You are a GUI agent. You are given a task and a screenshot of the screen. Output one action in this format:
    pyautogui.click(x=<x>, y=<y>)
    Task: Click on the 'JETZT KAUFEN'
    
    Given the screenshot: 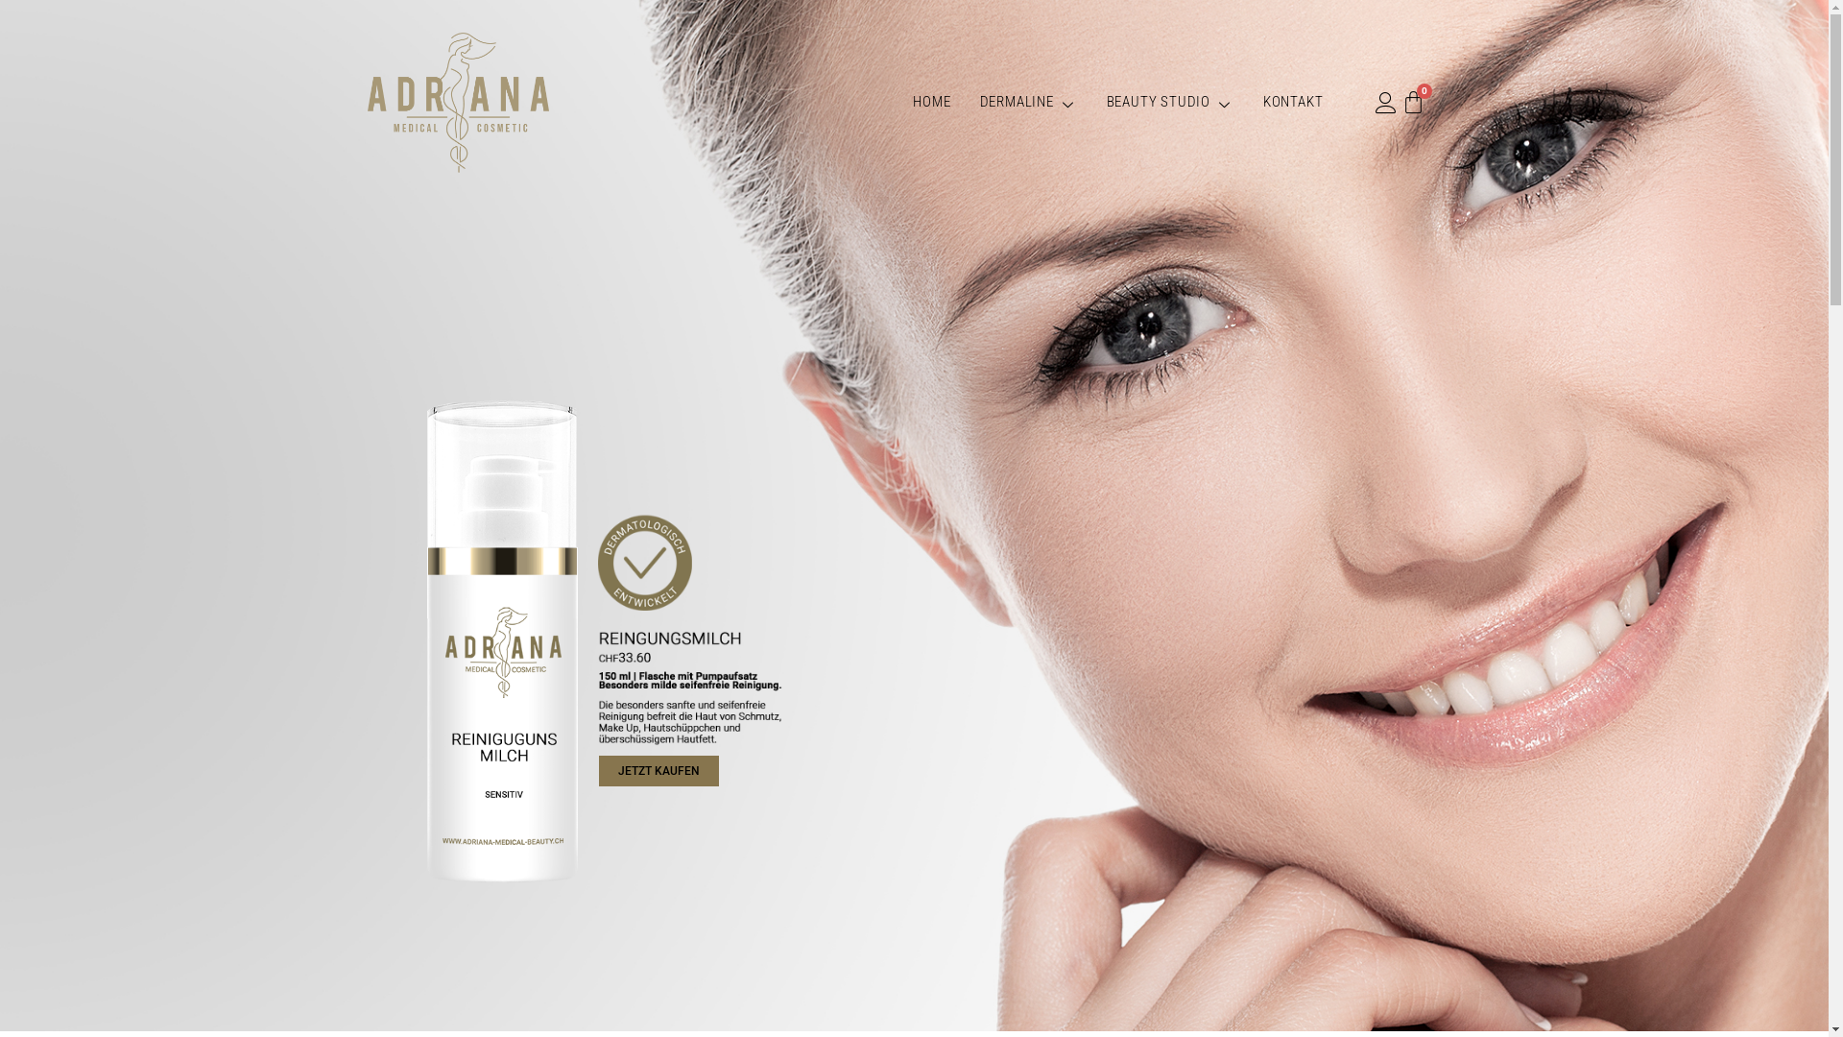 What is the action you would take?
    pyautogui.click(x=658, y=769)
    